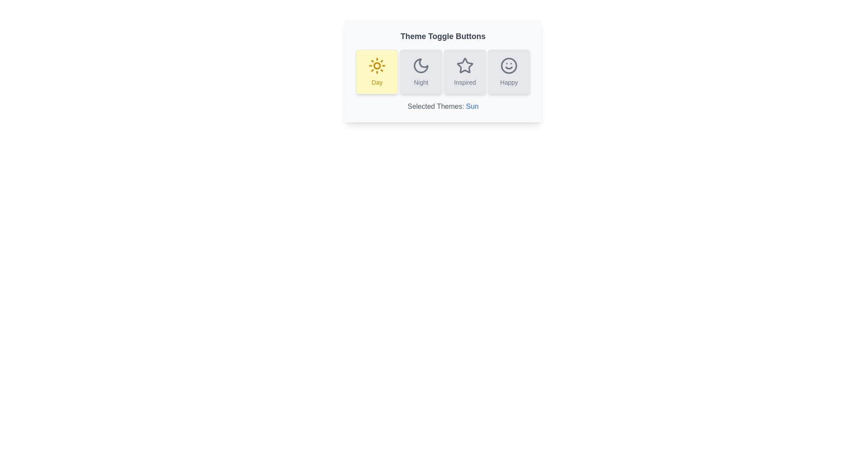 The width and height of the screenshot is (844, 474). Describe the element at coordinates (377, 65) in the screenshot. I see `the decorative circular element of the sun icon located in the 'Day' button under the 'Theme Toggle Buttons' section` at that location.